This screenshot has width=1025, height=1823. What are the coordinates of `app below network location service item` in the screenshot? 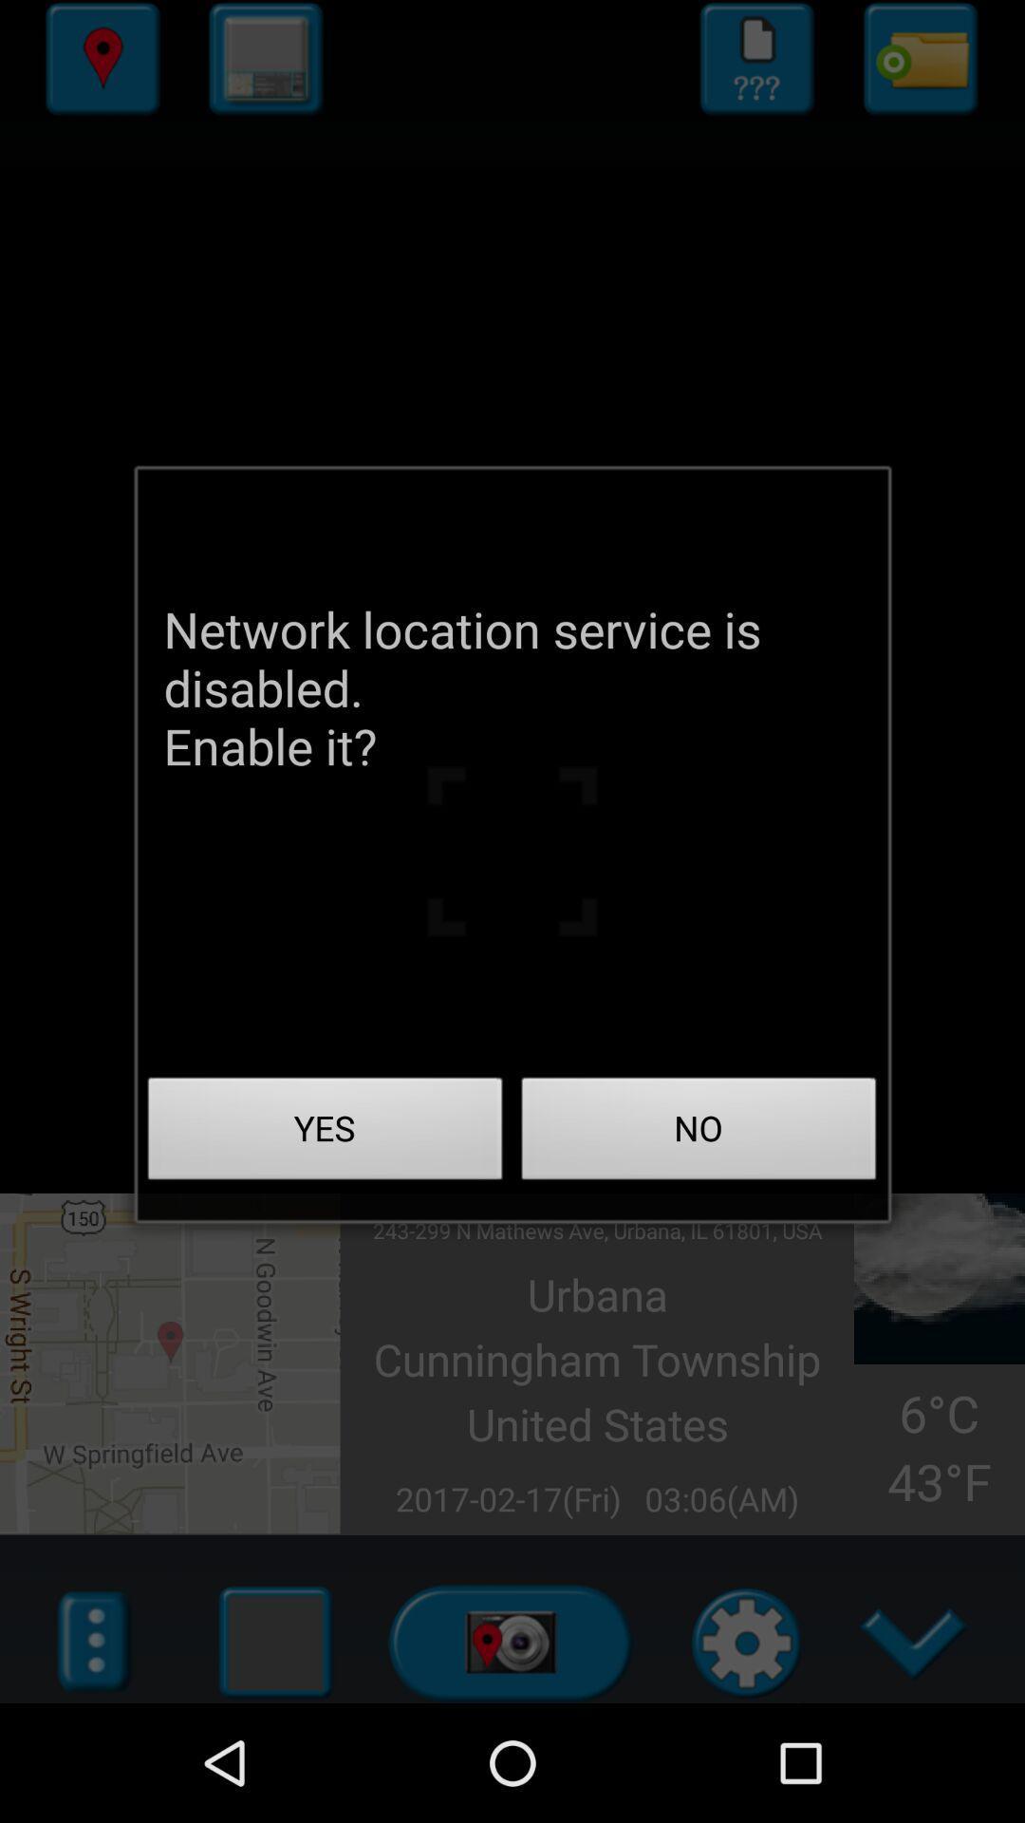 It's located at (325, 1134).